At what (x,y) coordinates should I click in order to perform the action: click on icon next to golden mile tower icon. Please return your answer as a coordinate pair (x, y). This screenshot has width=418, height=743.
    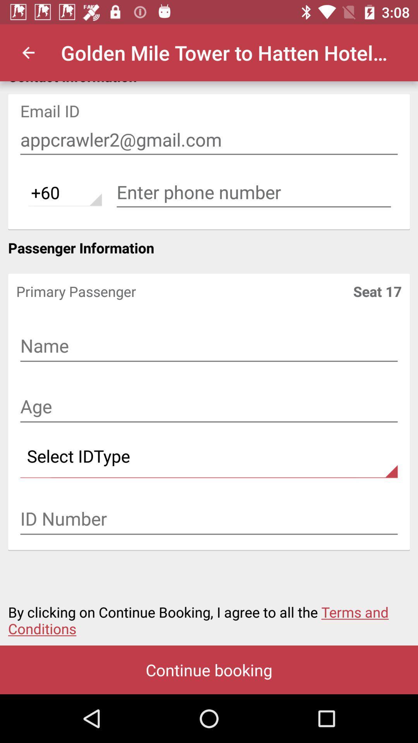
    Looking at the image, I should click on (28, 52).